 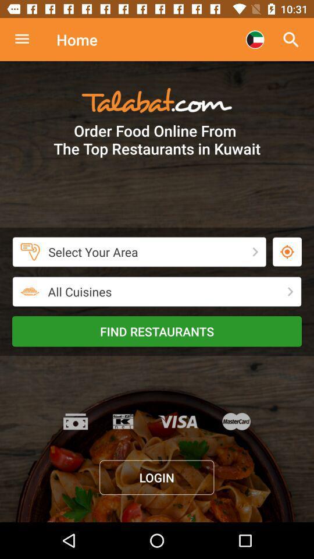 What do you see at coordinates (28, 40) in the screenshot?
I see `search option` at bounding box center [28, 40].